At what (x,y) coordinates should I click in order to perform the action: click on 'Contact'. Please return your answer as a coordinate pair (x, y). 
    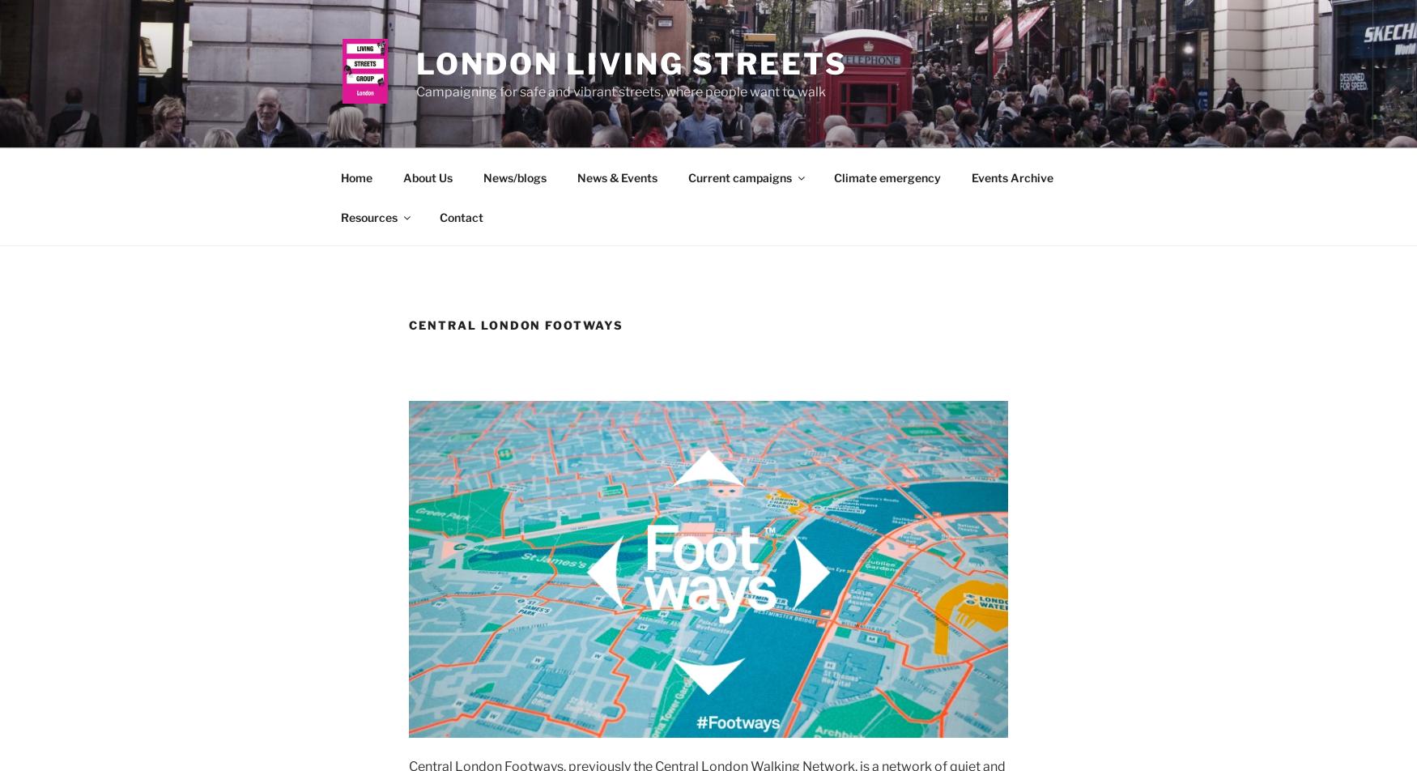
    Looking at the image, I should click on (437, 216).